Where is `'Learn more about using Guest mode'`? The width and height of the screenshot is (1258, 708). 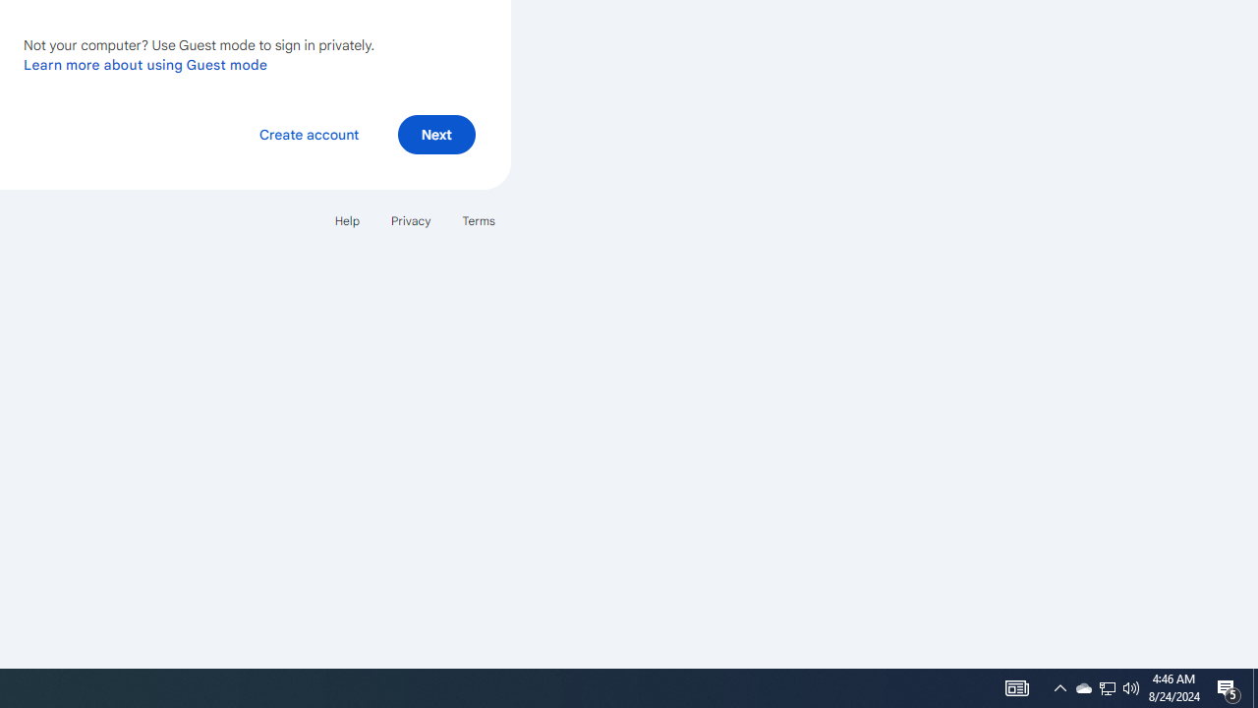
'Learn more about using Guest mode' is located at coordinates (144, 63).